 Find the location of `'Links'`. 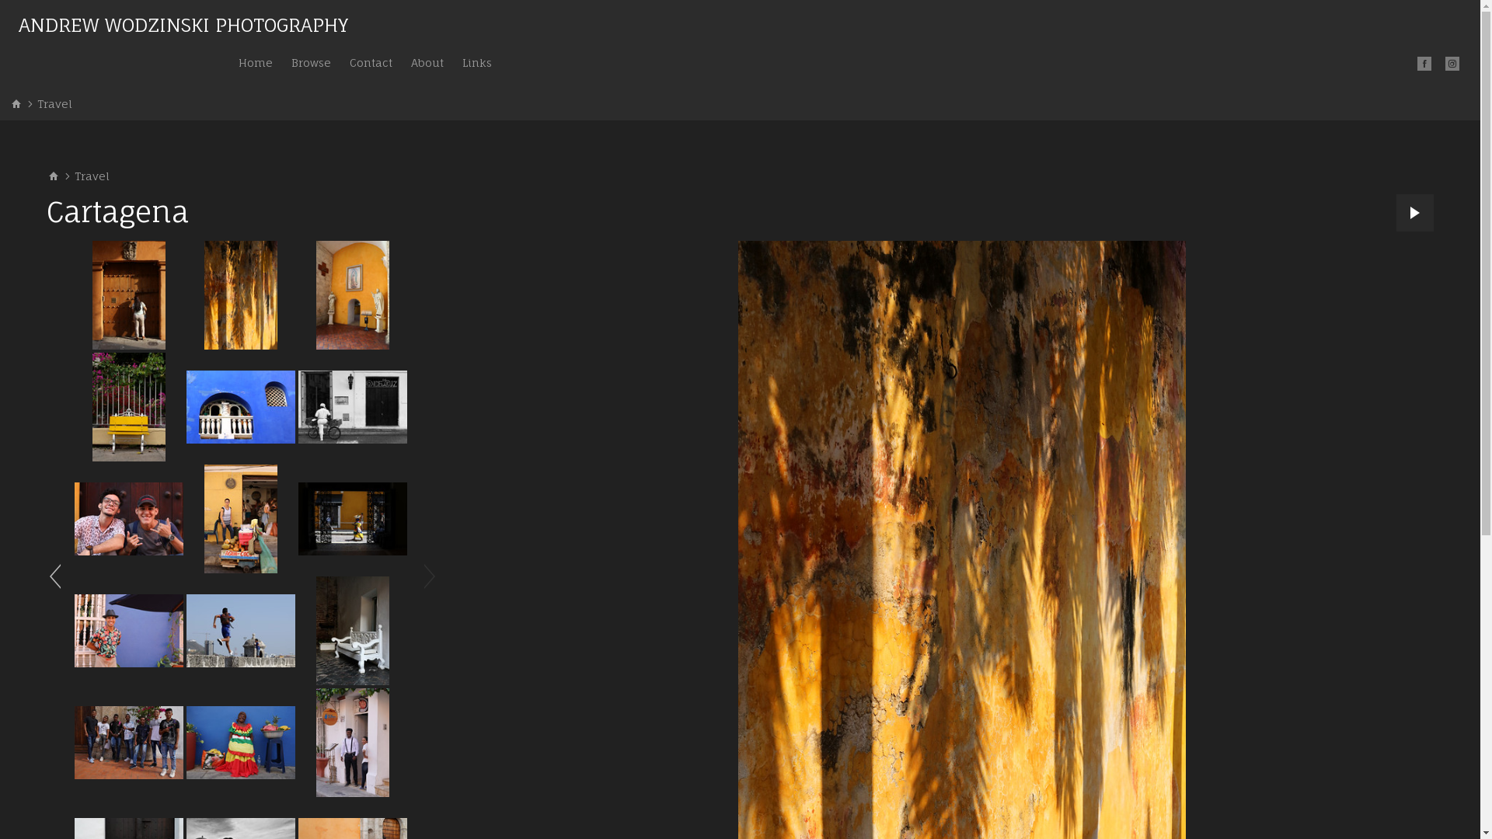

'Links' is located at coordinates (476, 61).